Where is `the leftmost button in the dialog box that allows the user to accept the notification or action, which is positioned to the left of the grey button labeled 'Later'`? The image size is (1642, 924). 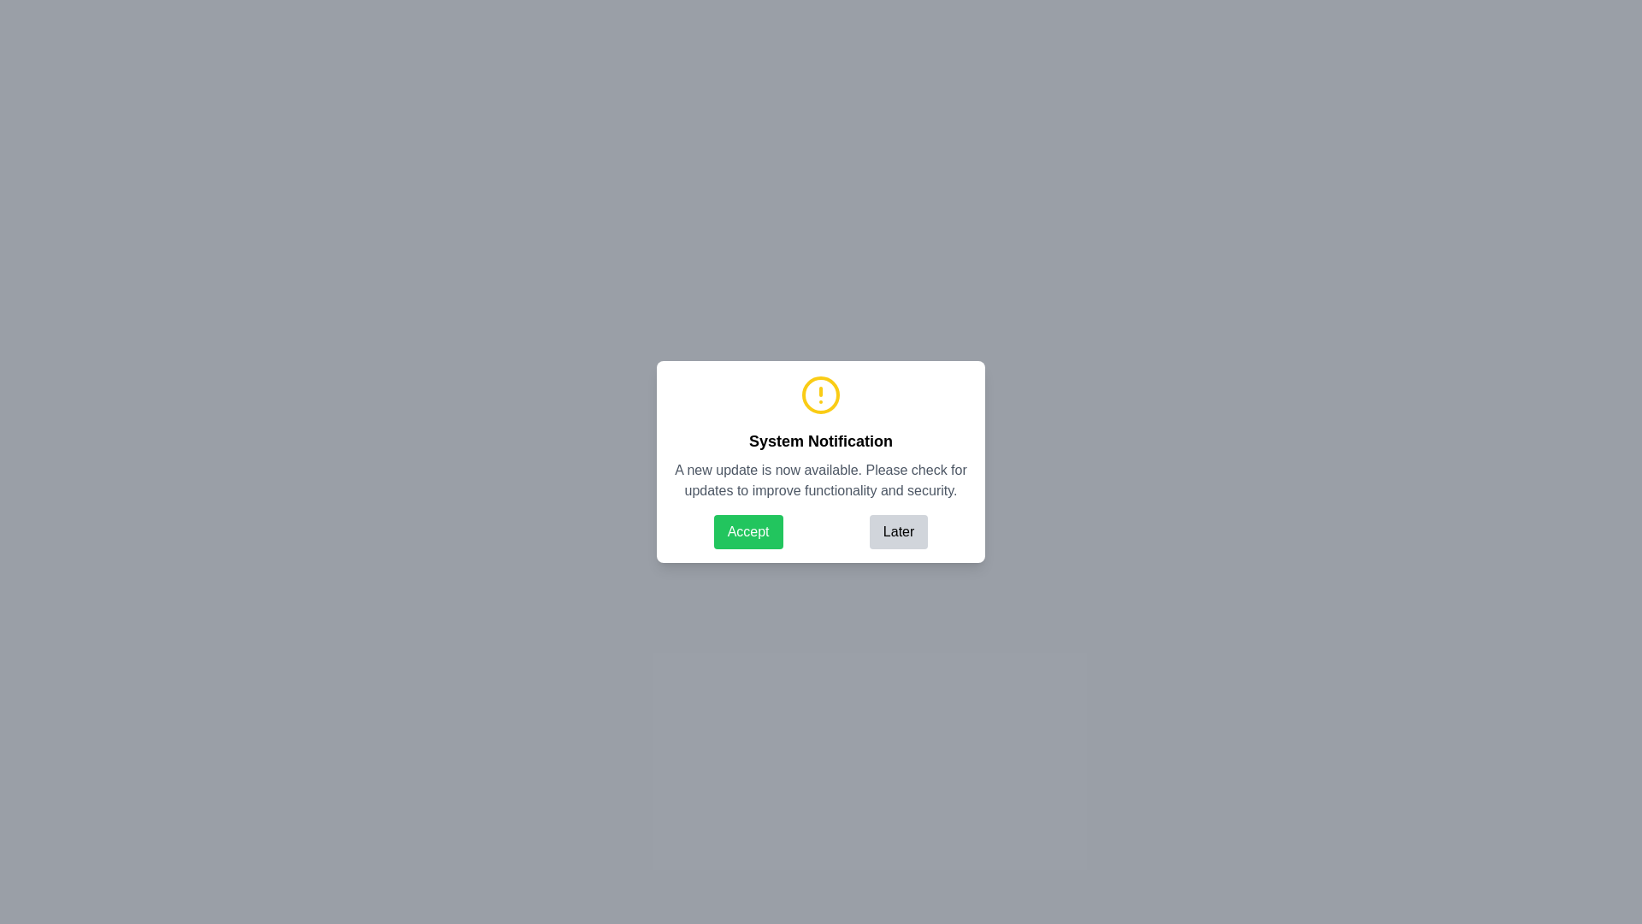 the leftmost button in the dialog box that allows the user to accept the notification or action, which is positioned to the left of the grey button labeled 'Later' is located at coordinates (748, 530).